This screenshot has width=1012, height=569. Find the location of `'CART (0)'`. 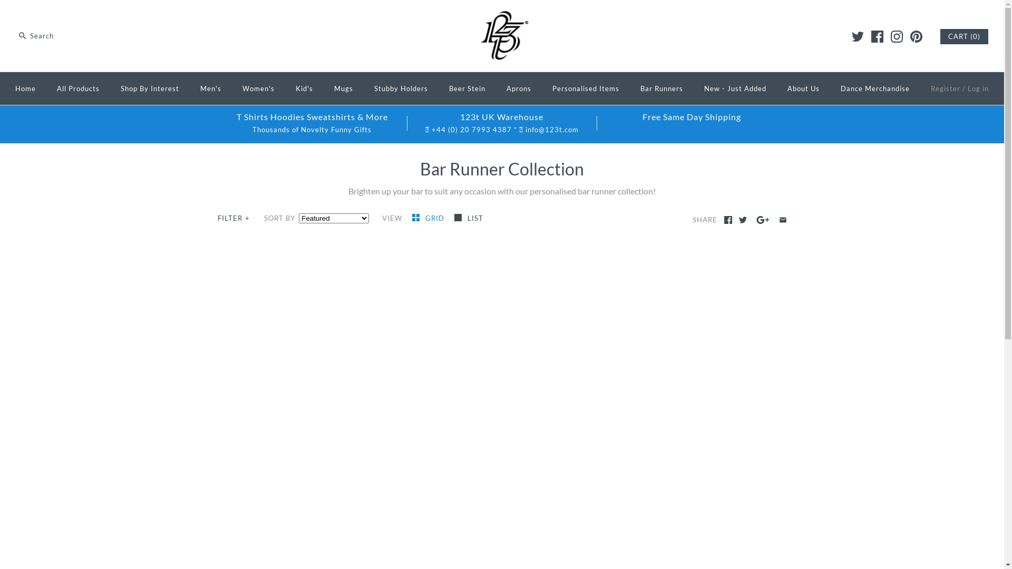

'CART (0)' is located at coordinates (964, 36).